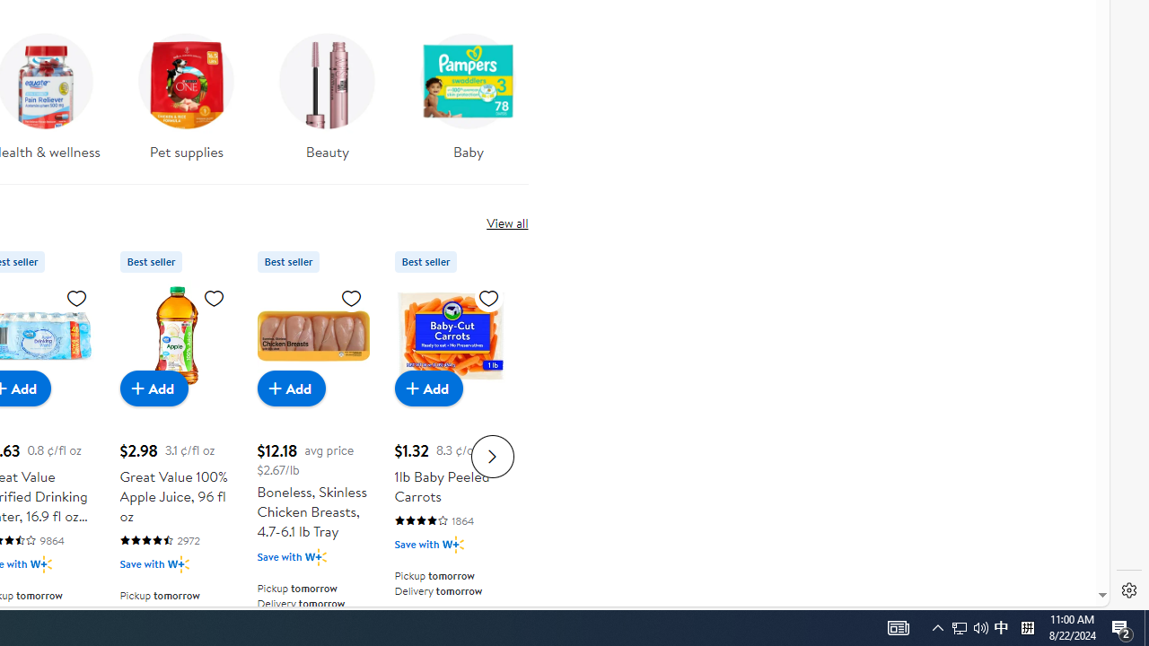  Describe the element at coordinates (327, 102) in the screenshot. I see `'Beauty'` at that location.